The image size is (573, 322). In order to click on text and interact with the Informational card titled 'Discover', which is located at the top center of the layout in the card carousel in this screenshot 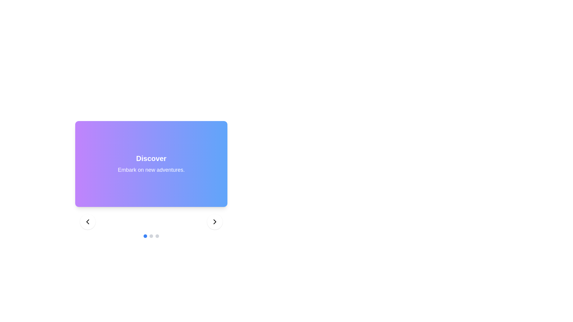, I will do `click(151, 164)`.